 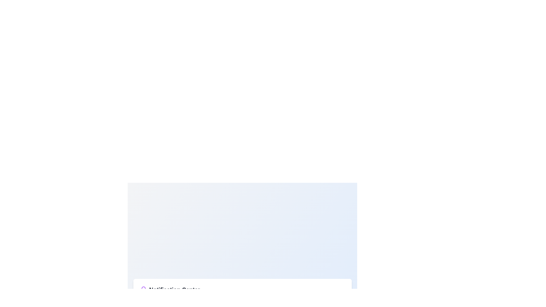 What do you see at coordinates (174, 289) in the screenshot?
I see `the 'Notification Center' text label to interact with adjacent elements` at bounding box center [174, 289].